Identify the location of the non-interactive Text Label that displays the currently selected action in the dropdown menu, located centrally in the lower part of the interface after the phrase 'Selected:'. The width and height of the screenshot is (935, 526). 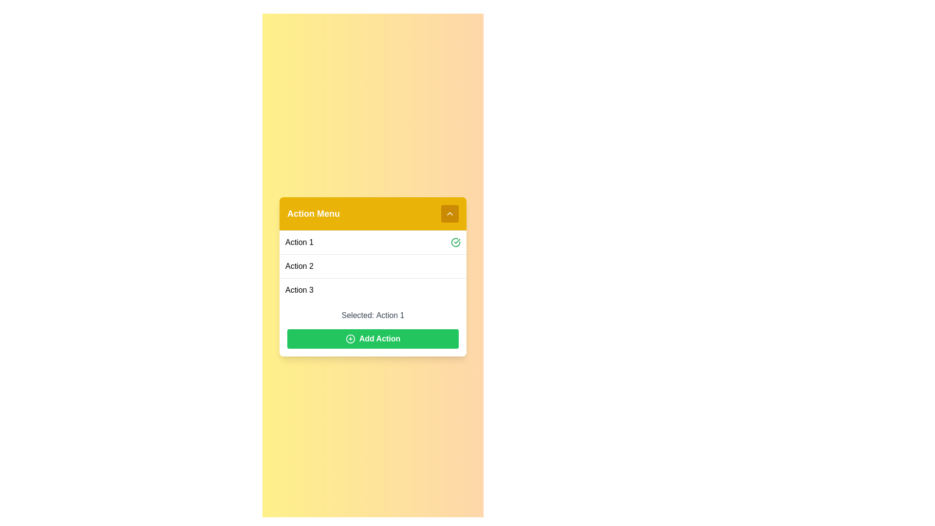
(390, 315).